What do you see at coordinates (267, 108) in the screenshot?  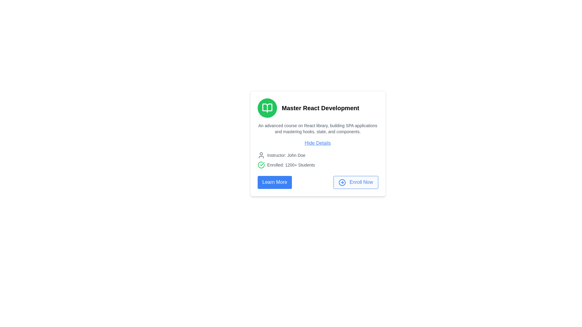 I see `the book icon representing learning or knowledge located at the top of the 'Master React Development' course card` at bounding box center [267, 108].